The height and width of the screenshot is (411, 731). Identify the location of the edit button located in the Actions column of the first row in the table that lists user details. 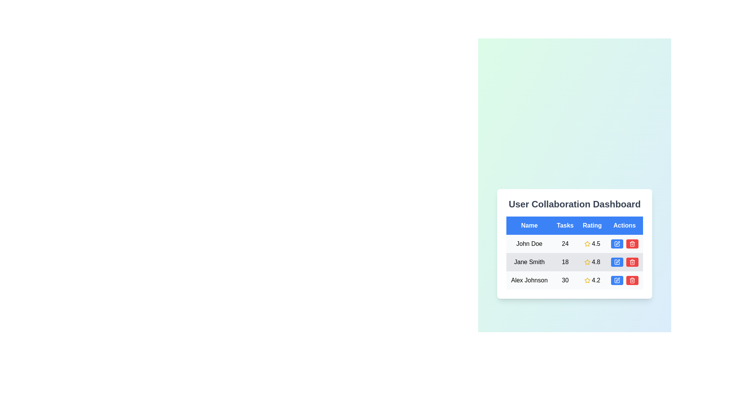
(617, 244).